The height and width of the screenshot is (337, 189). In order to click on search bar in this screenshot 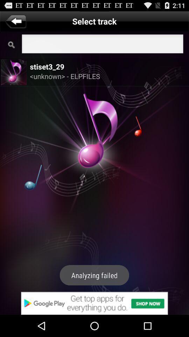, I will do `click(102, 44)`.